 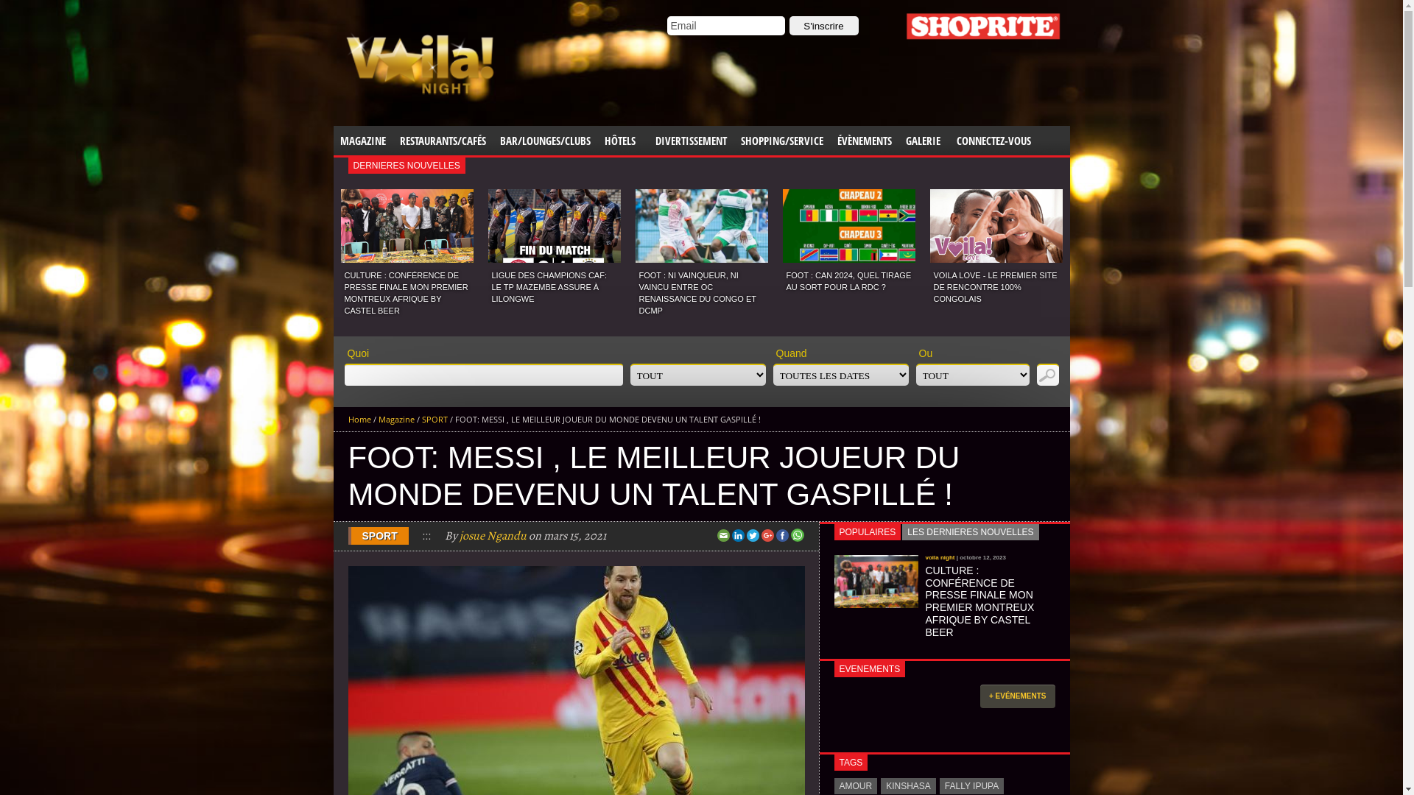 What do you see at coordinates (867, 531) in the screenshot?
I see `'POPULAIRES'` at bounding box center [867, 531].